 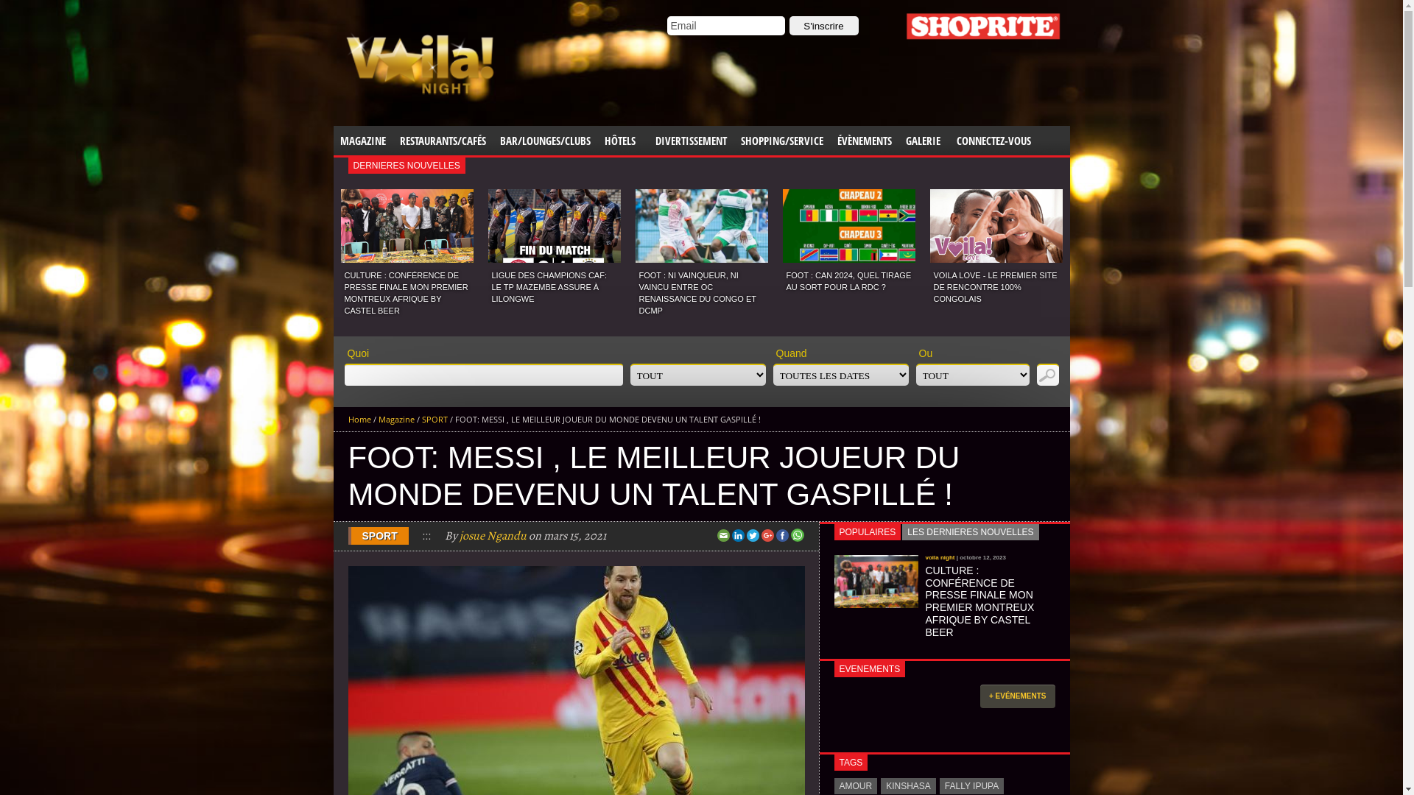 What do you see at coordinates (867, 531) in the screenshot?
I see `'POPULAIRES'` at bounding box center [867, 531].